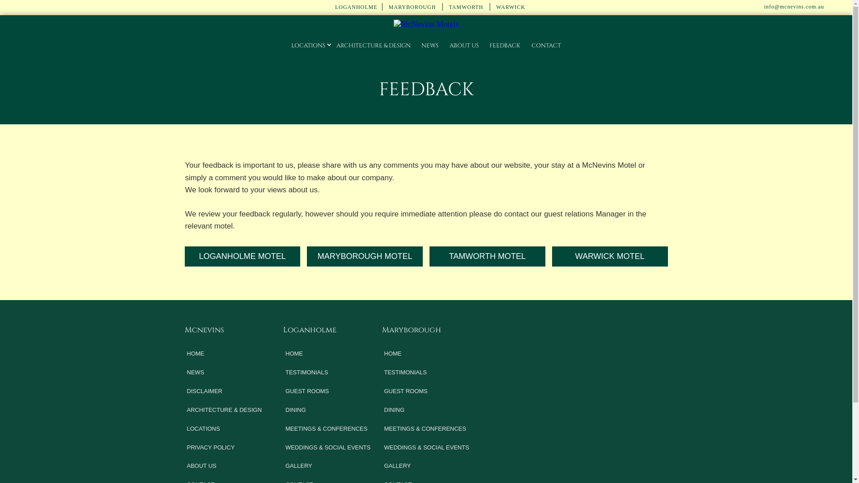 Image resolution: width=859 pixels, height=483 pixels. Describe the element at coordinates (382, 428) in the screenshot. I see `'MEETINGS & CONFERENCES'` at that location.